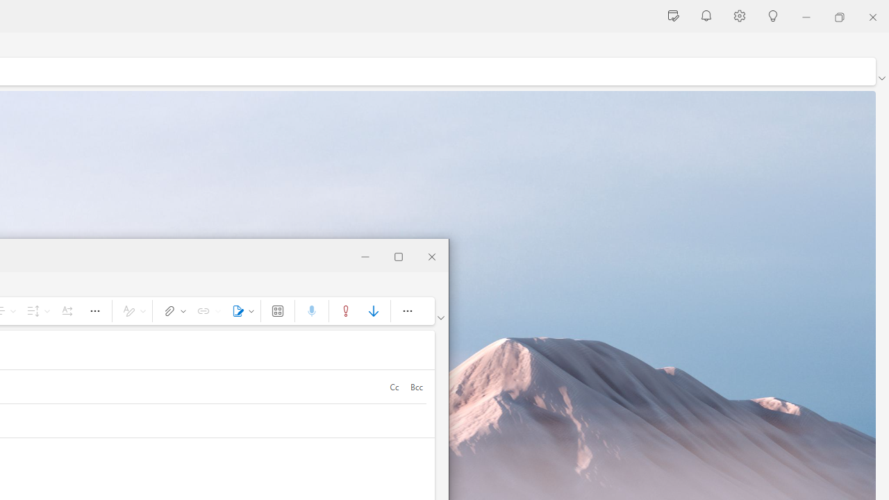 This screenshot has height=500, width=889. I want to click on 'Dictate', so click(310, 310).